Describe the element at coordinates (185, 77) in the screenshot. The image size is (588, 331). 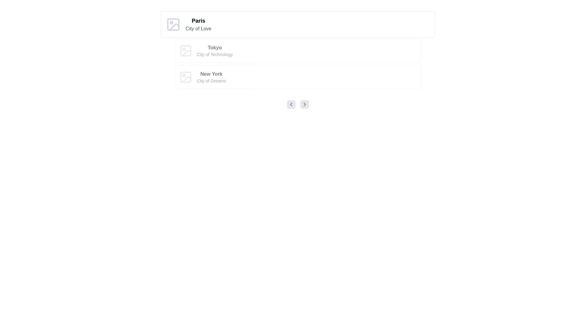
I see `the Decorative placeholder located in the top-left area of the 'New York - City of Dreams' section, which resembles an image placeholder` at that location.